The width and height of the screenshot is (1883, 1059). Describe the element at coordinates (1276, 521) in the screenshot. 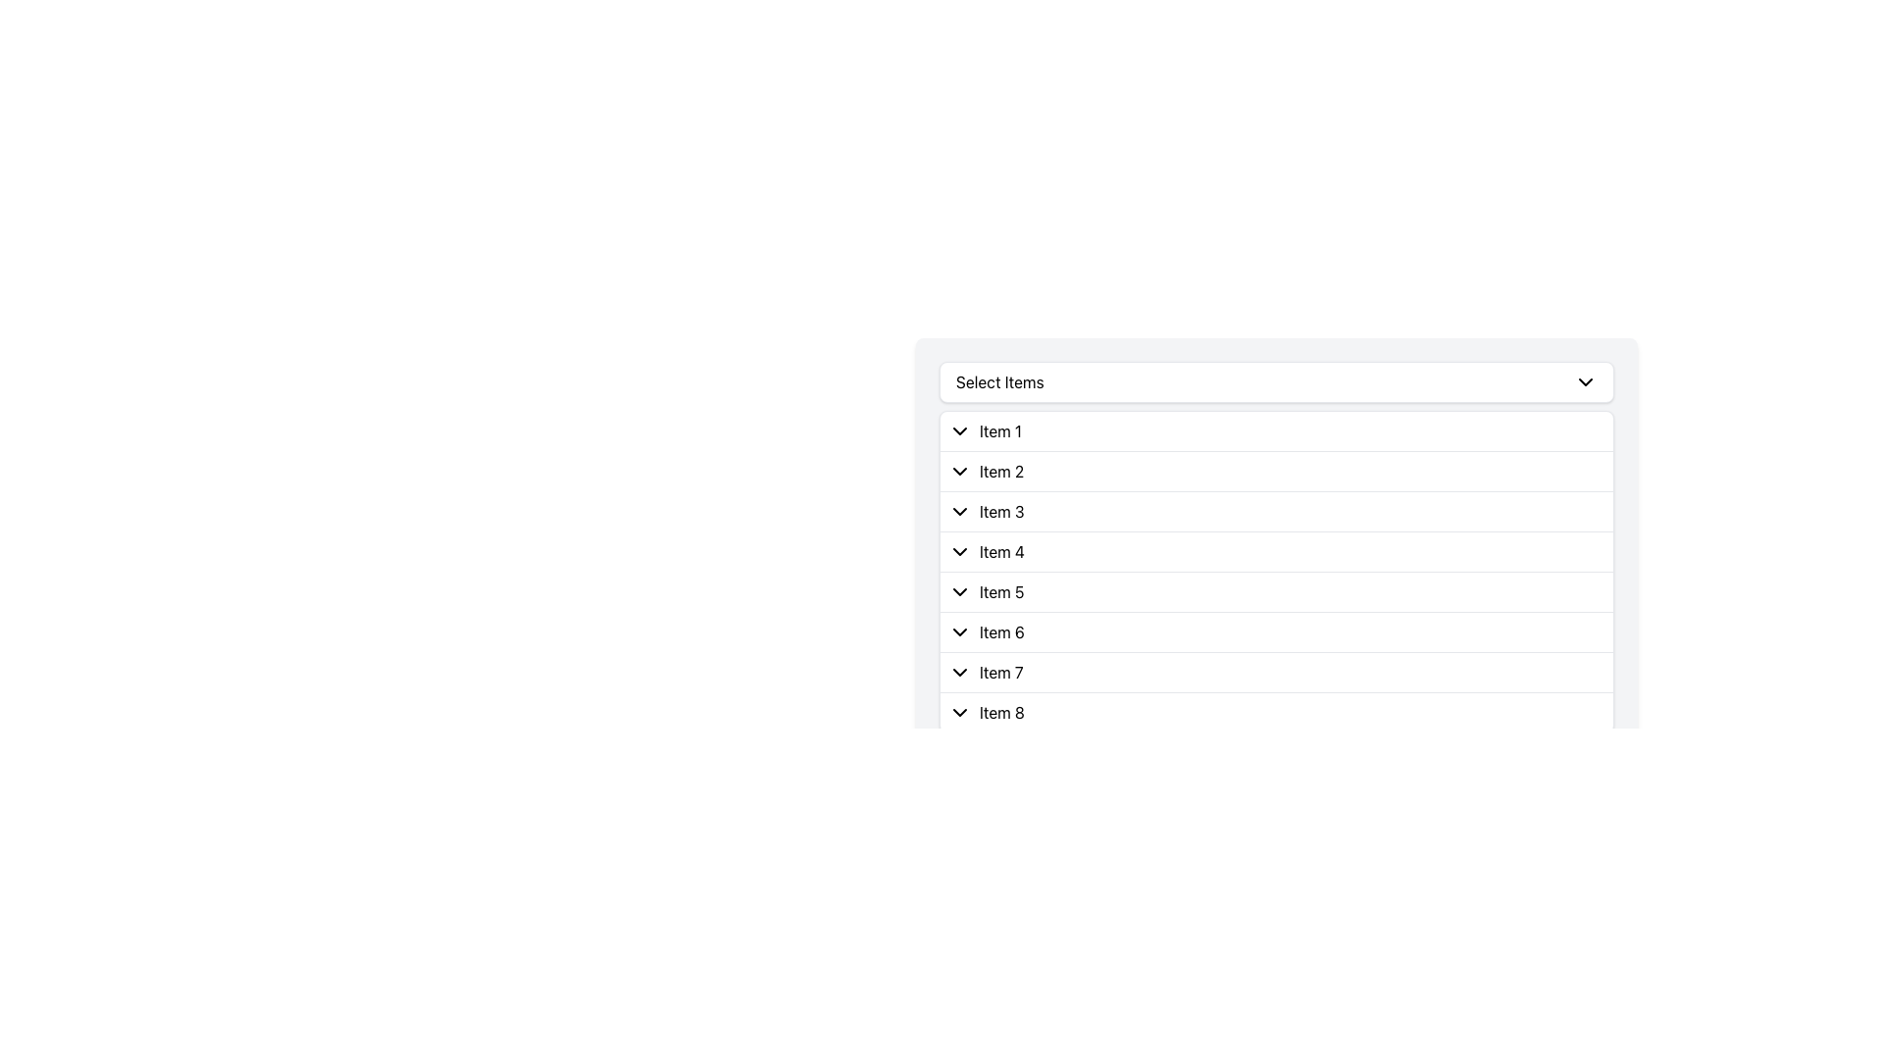

I see `the third item in the dropdown list, labeled 'Item 3'` at that location.